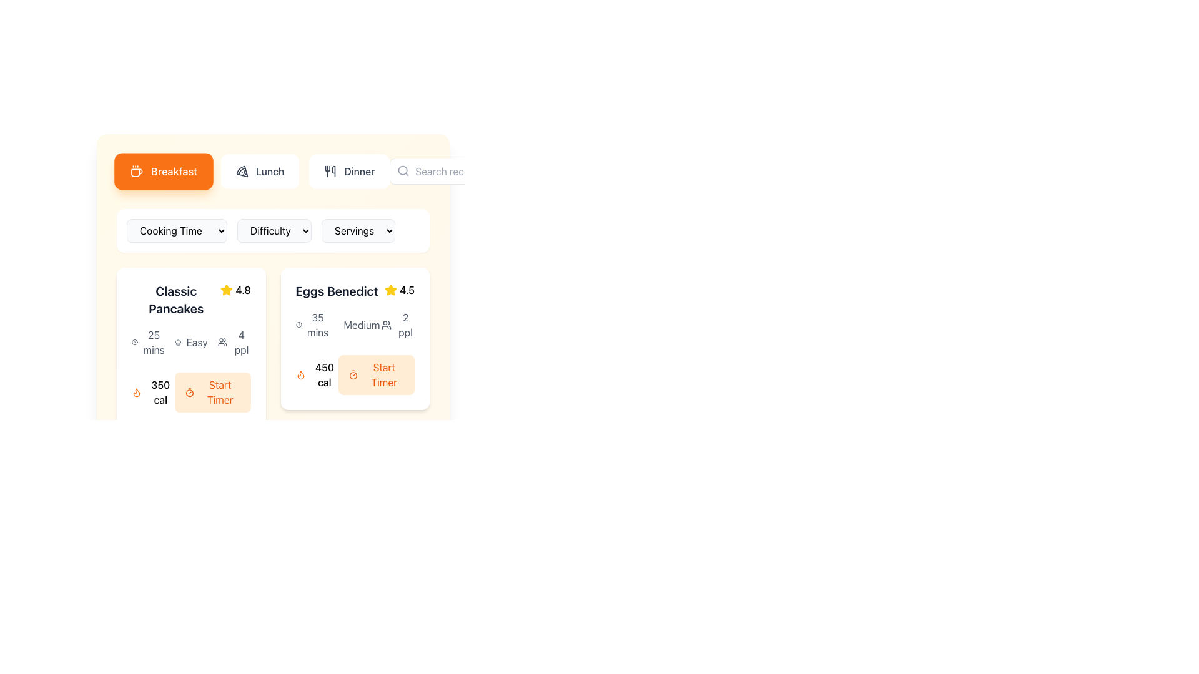 The image size is (1199, 674). What do you see at coordinates (174, 171) in the screenshot?
I see `static text label representing the 'Breakfast' category in the menu located in the top-left section of the interface` at bounding box center [174, 171].